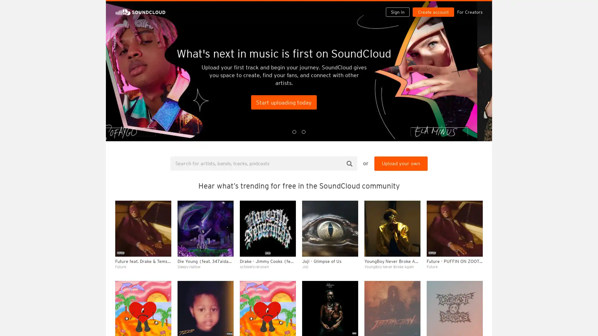 Image resolution: width=598 pixels, height=336 pixels. What do you see at coordinates (462, 170) in the screenshot?
I see `Clear` at bounding box center [462, 170].